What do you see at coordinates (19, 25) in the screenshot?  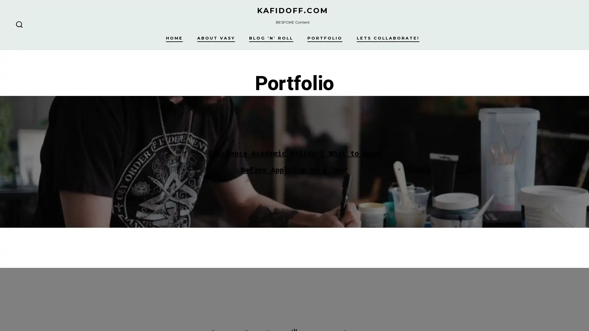 I see `SEARCH TOGGLE` at bounding box center [19, 25].